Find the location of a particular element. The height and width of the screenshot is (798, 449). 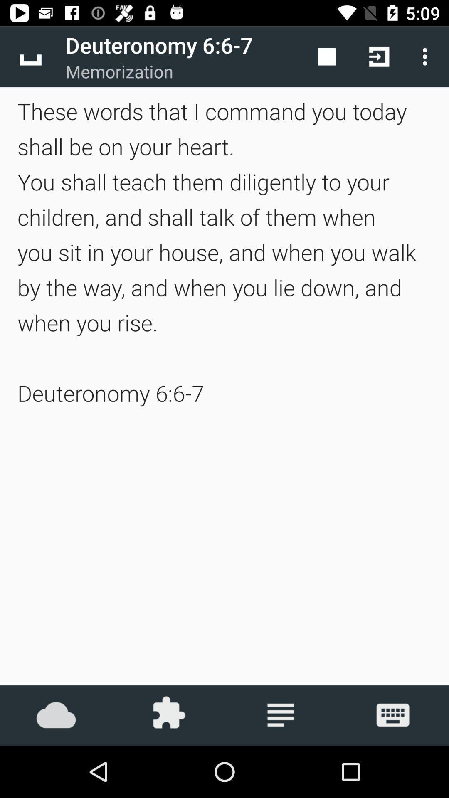

icon below the these words that item is located at coordinates (168, 714).